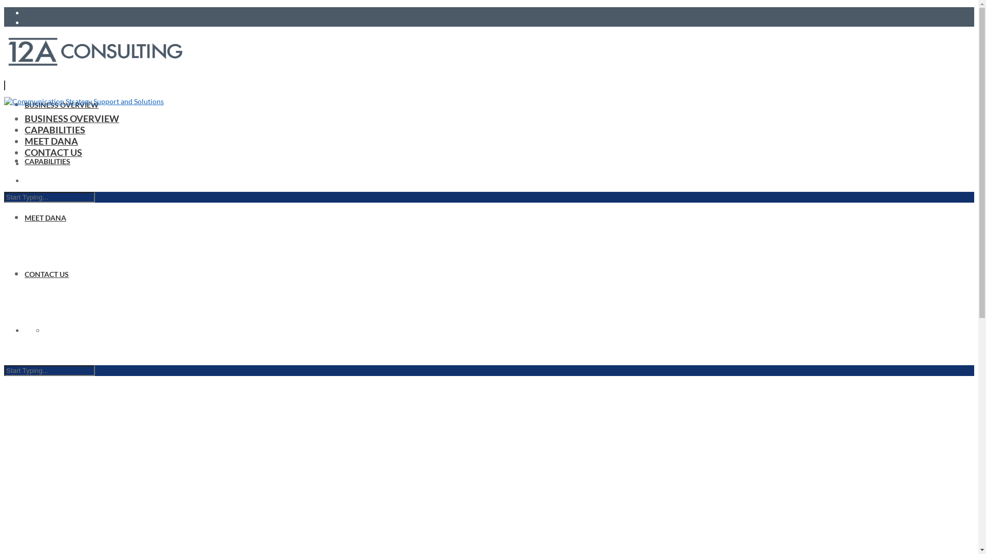 The height and width of the screenshot is (554, 986). What do you see at coordinates (46, 273) in the screenshot?
I see `'CONTACT US'` at bounding box center [46, 273].